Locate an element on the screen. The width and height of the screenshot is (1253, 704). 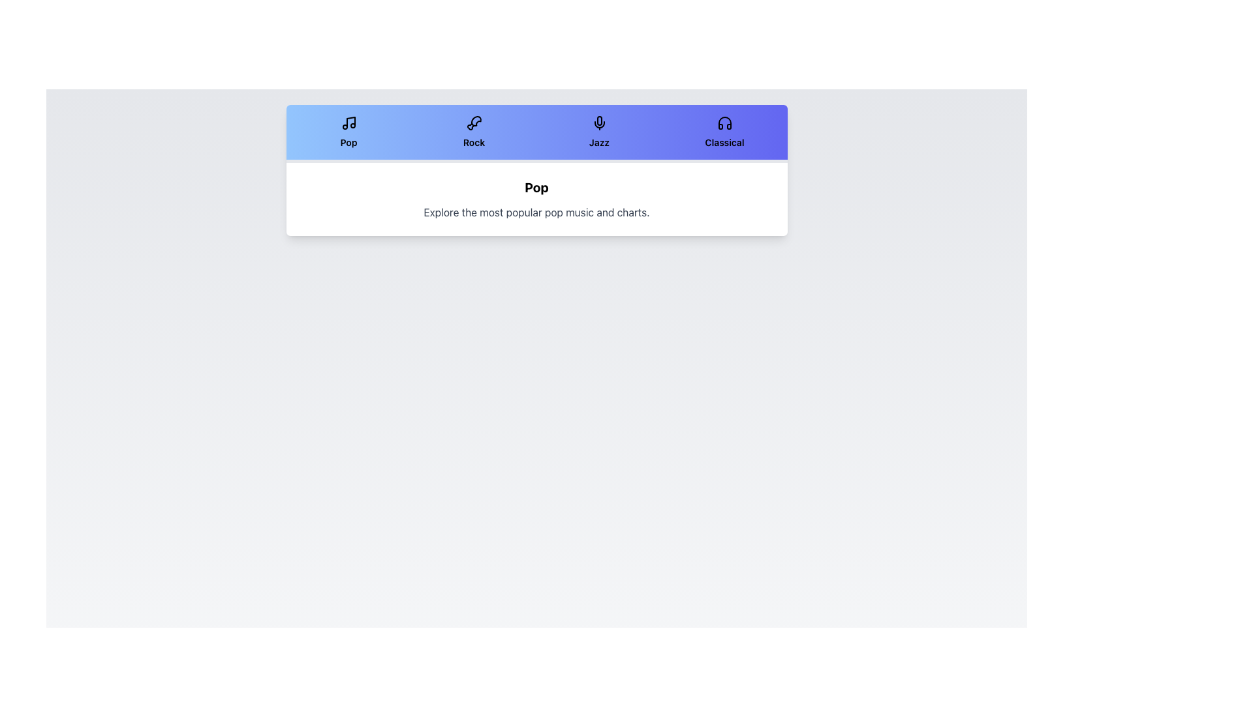
the 'Classical' music category icon (SVG) is located at coordinates (724, 123).